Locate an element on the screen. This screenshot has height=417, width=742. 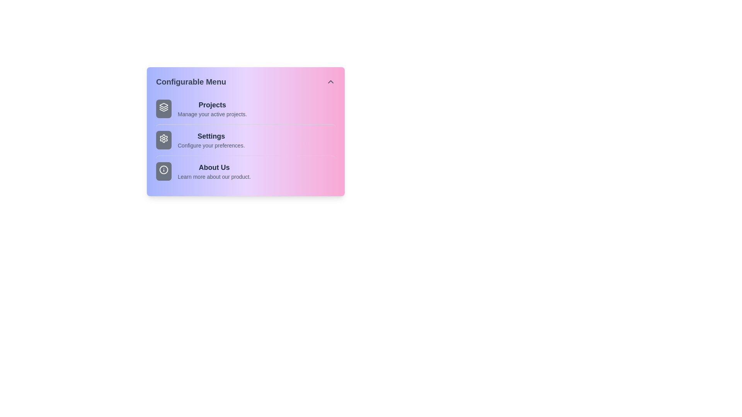
the menu item icon for Projects is located at coordinates (163, 108).